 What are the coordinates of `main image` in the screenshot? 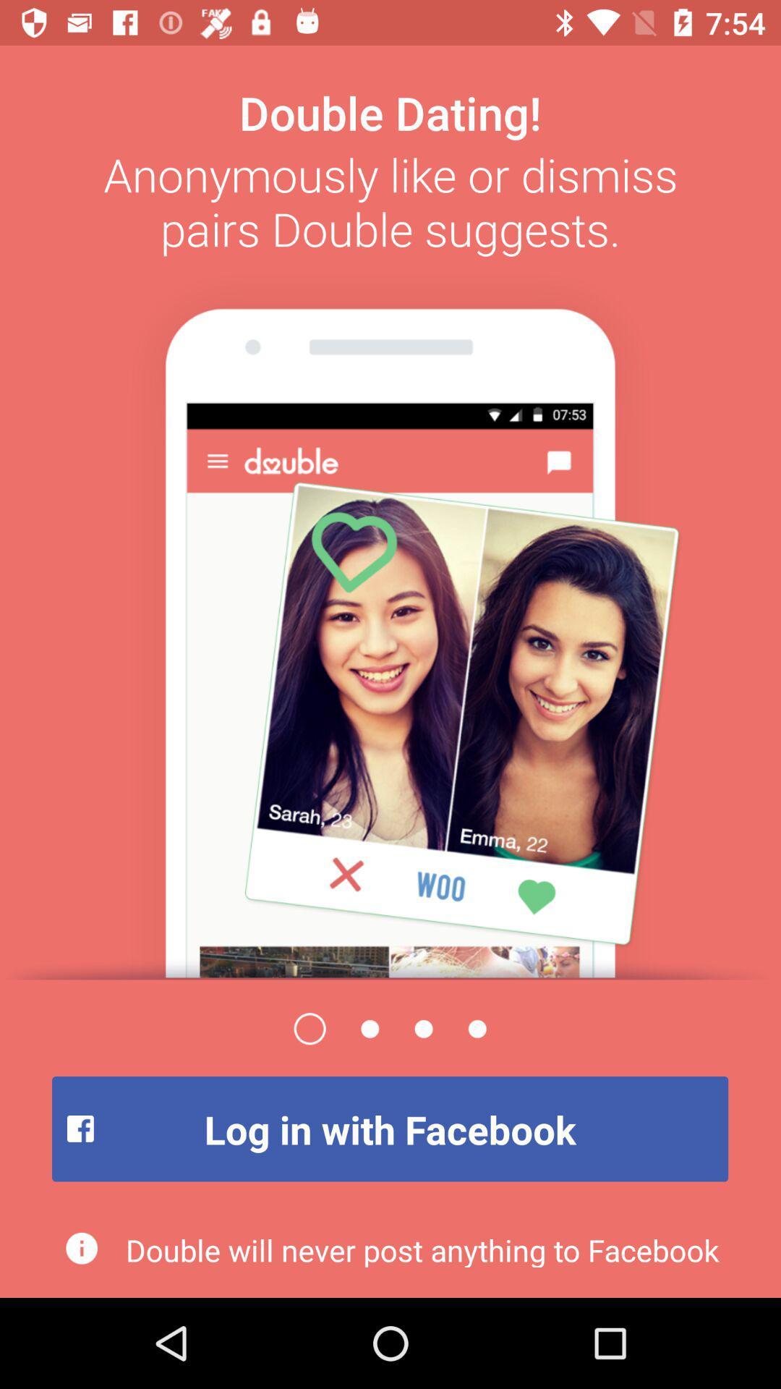 It's located at (390, 621).